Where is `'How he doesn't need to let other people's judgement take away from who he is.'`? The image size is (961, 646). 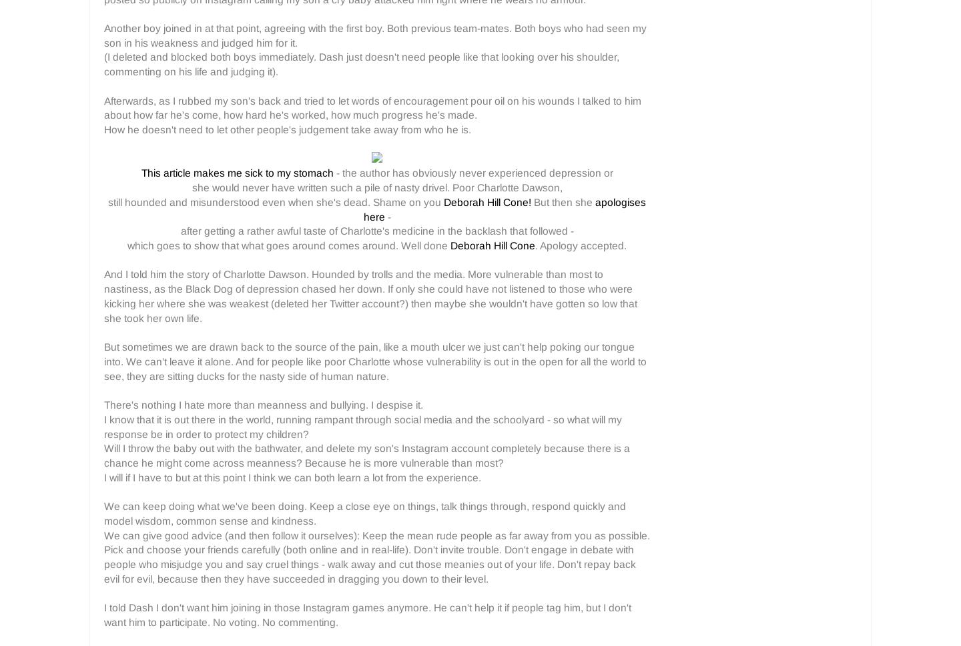
'How he doesn't need to let other people's judgement take away from who he is.' is located at coordinates (103, 129).